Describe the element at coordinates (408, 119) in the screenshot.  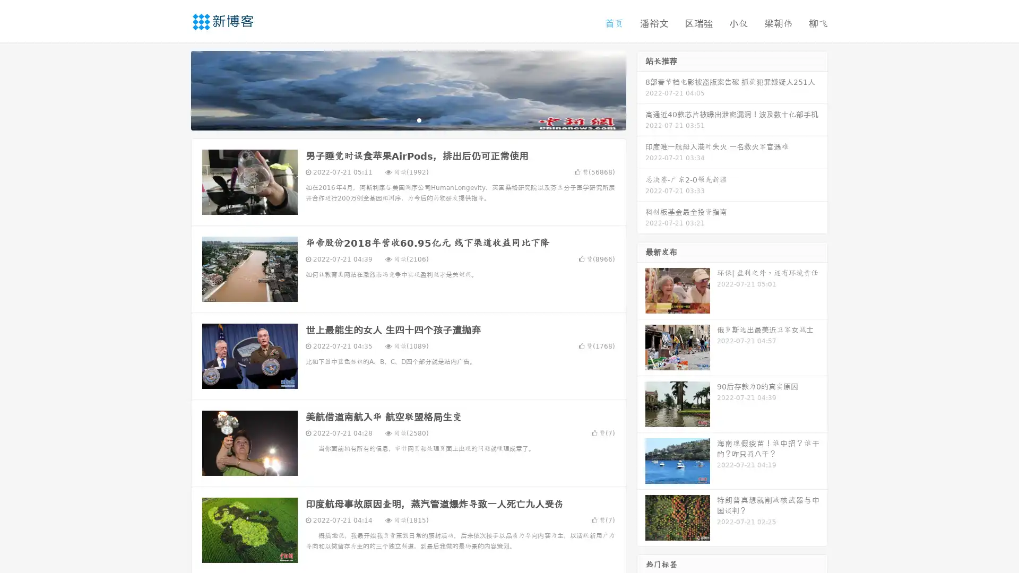
I see `Go to slide 2` at that location.